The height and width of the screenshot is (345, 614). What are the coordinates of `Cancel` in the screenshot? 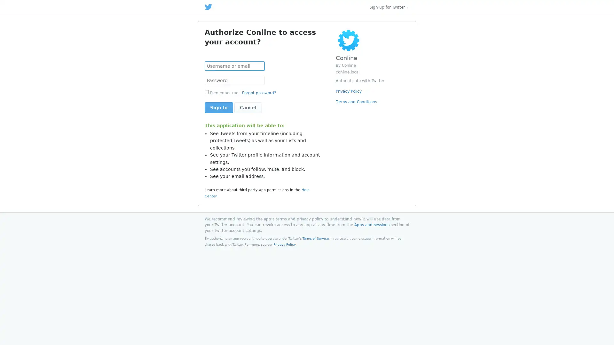 It's located at (248, 107).